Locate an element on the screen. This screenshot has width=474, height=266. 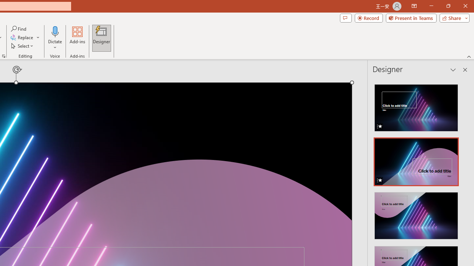
'Ribbon Display Options' is located at coordinates (414, 6).